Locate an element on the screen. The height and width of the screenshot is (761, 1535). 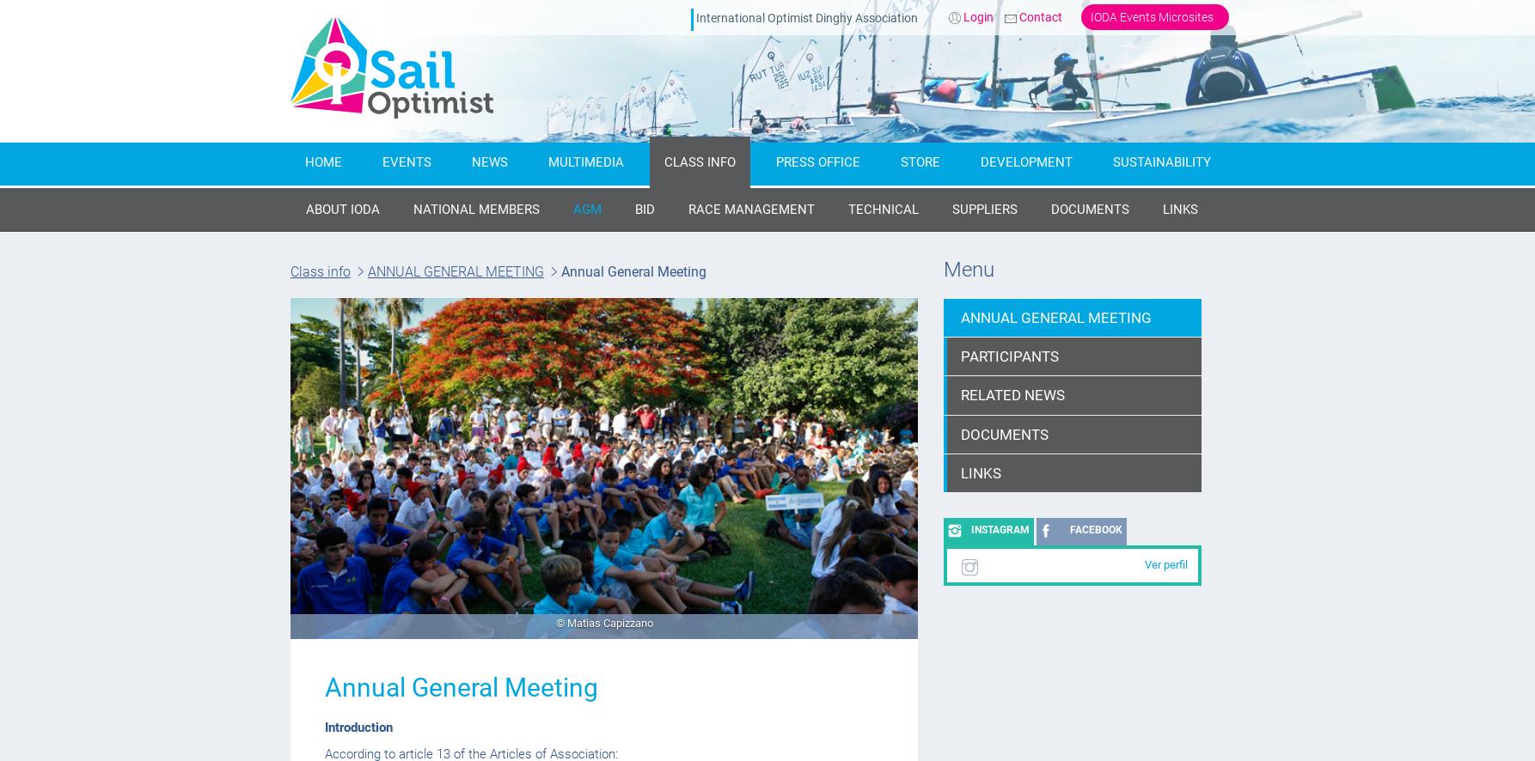
'Instagram' is located at coordinates (999, 529).